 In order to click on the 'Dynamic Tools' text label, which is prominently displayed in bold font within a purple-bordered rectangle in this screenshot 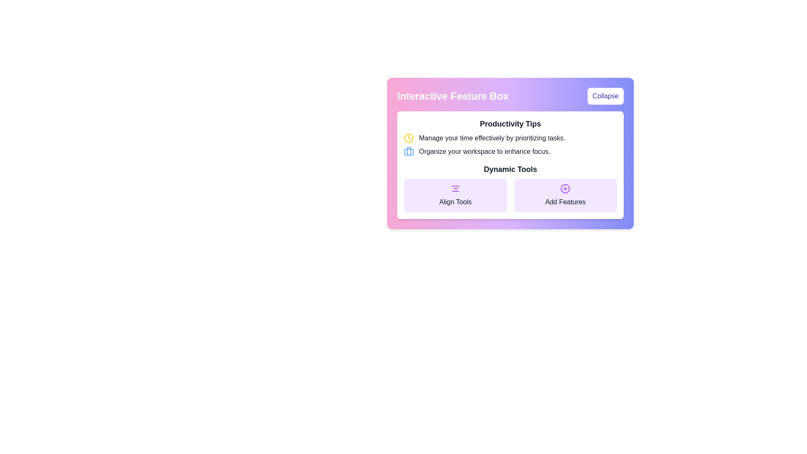, I will do `click(510, 169)`.